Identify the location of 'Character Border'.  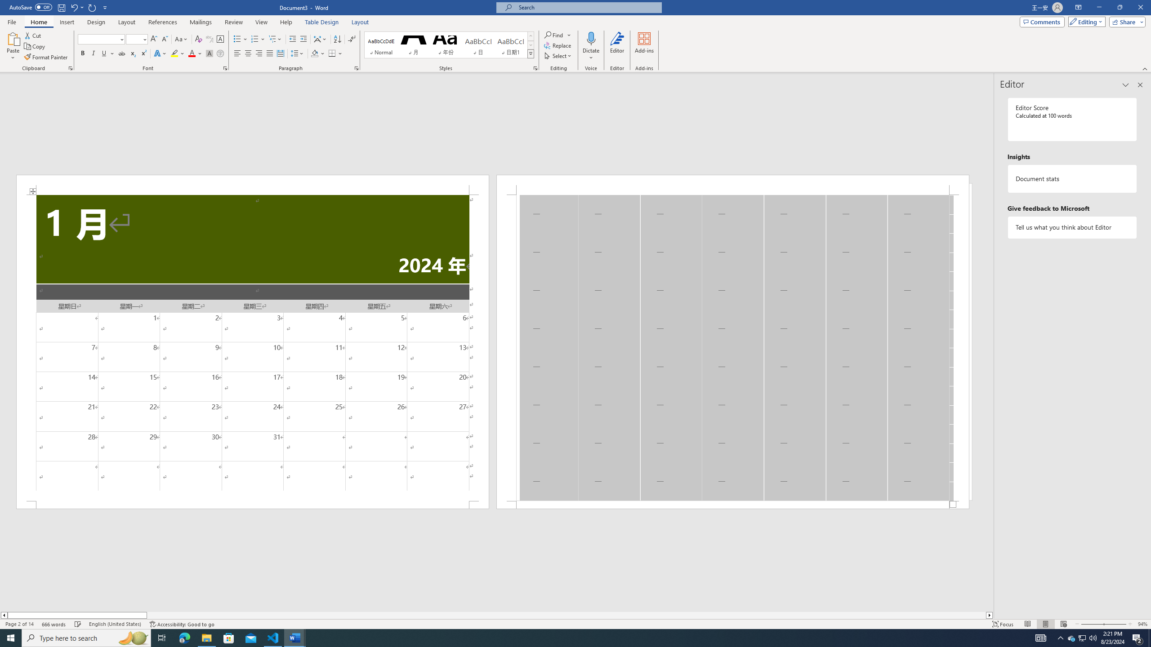
(220, 39).